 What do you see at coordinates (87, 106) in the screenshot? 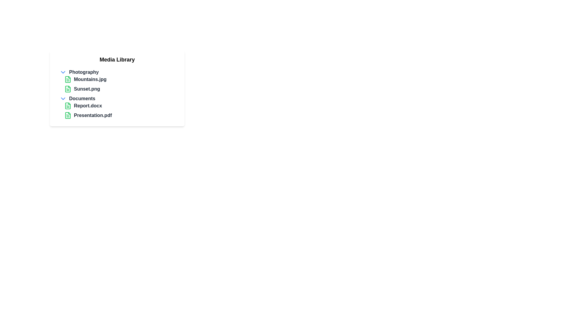
I see `the bold text label displaying the file name 'Report.docx' located in the 'Documents' section of the file explorer interface` at bounding box center [87, 106].